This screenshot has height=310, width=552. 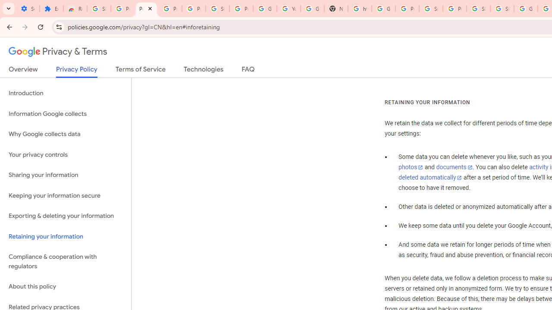 What do you see at coordinates (359, 9) in the screenshot?
I see `'https://scholar.google.com/'` at bounding box center [359, 9].